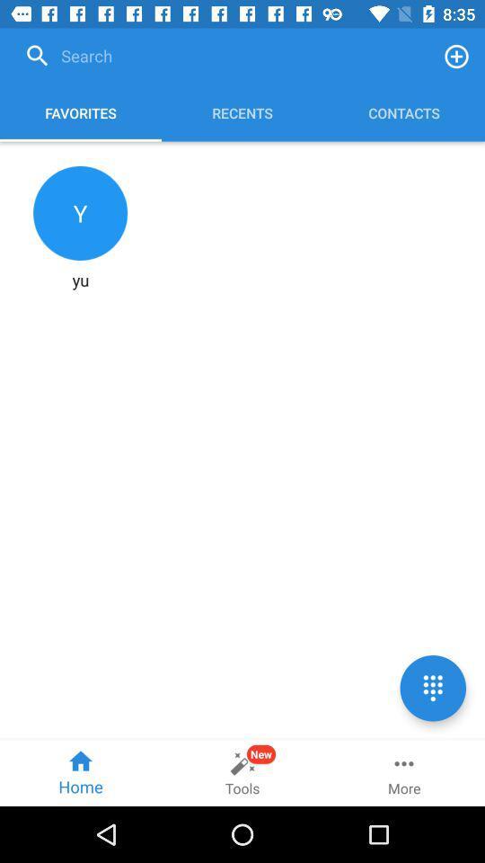  Describe the element at coordinates (223, 56) in the screenshot. I see `the item above favorites item` at that location.